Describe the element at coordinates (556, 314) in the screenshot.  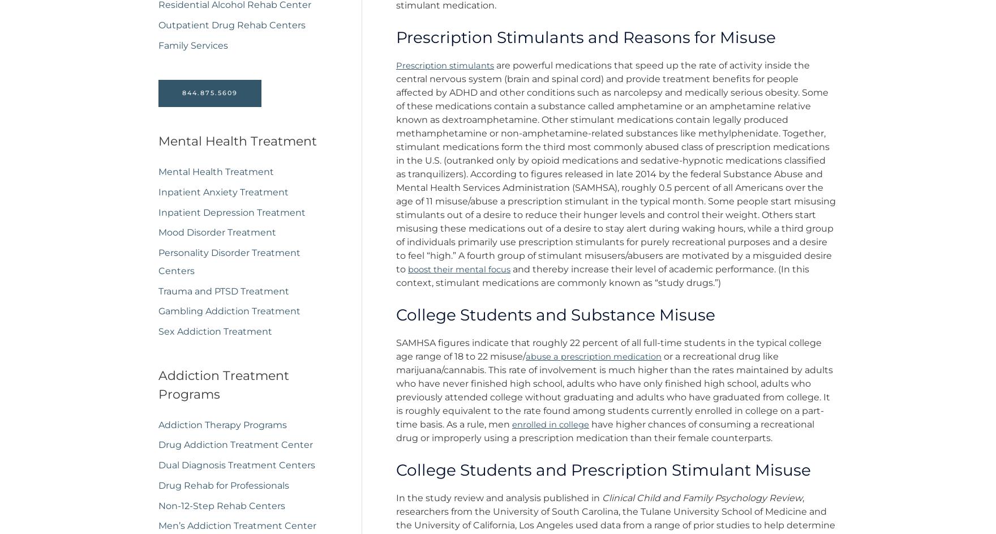
I see `'College Students and Substance Misuse'` at that location.